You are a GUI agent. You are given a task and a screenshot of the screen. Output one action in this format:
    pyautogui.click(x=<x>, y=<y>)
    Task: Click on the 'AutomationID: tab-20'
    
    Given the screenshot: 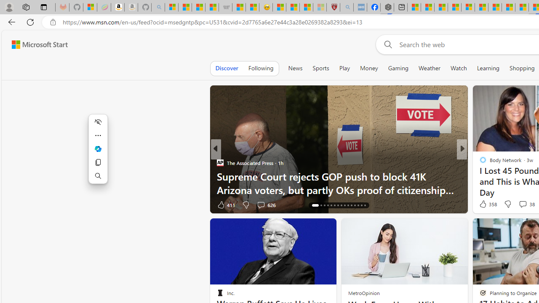 What is the action you would take?
    pyautogui.click(x=331, y=205)
    